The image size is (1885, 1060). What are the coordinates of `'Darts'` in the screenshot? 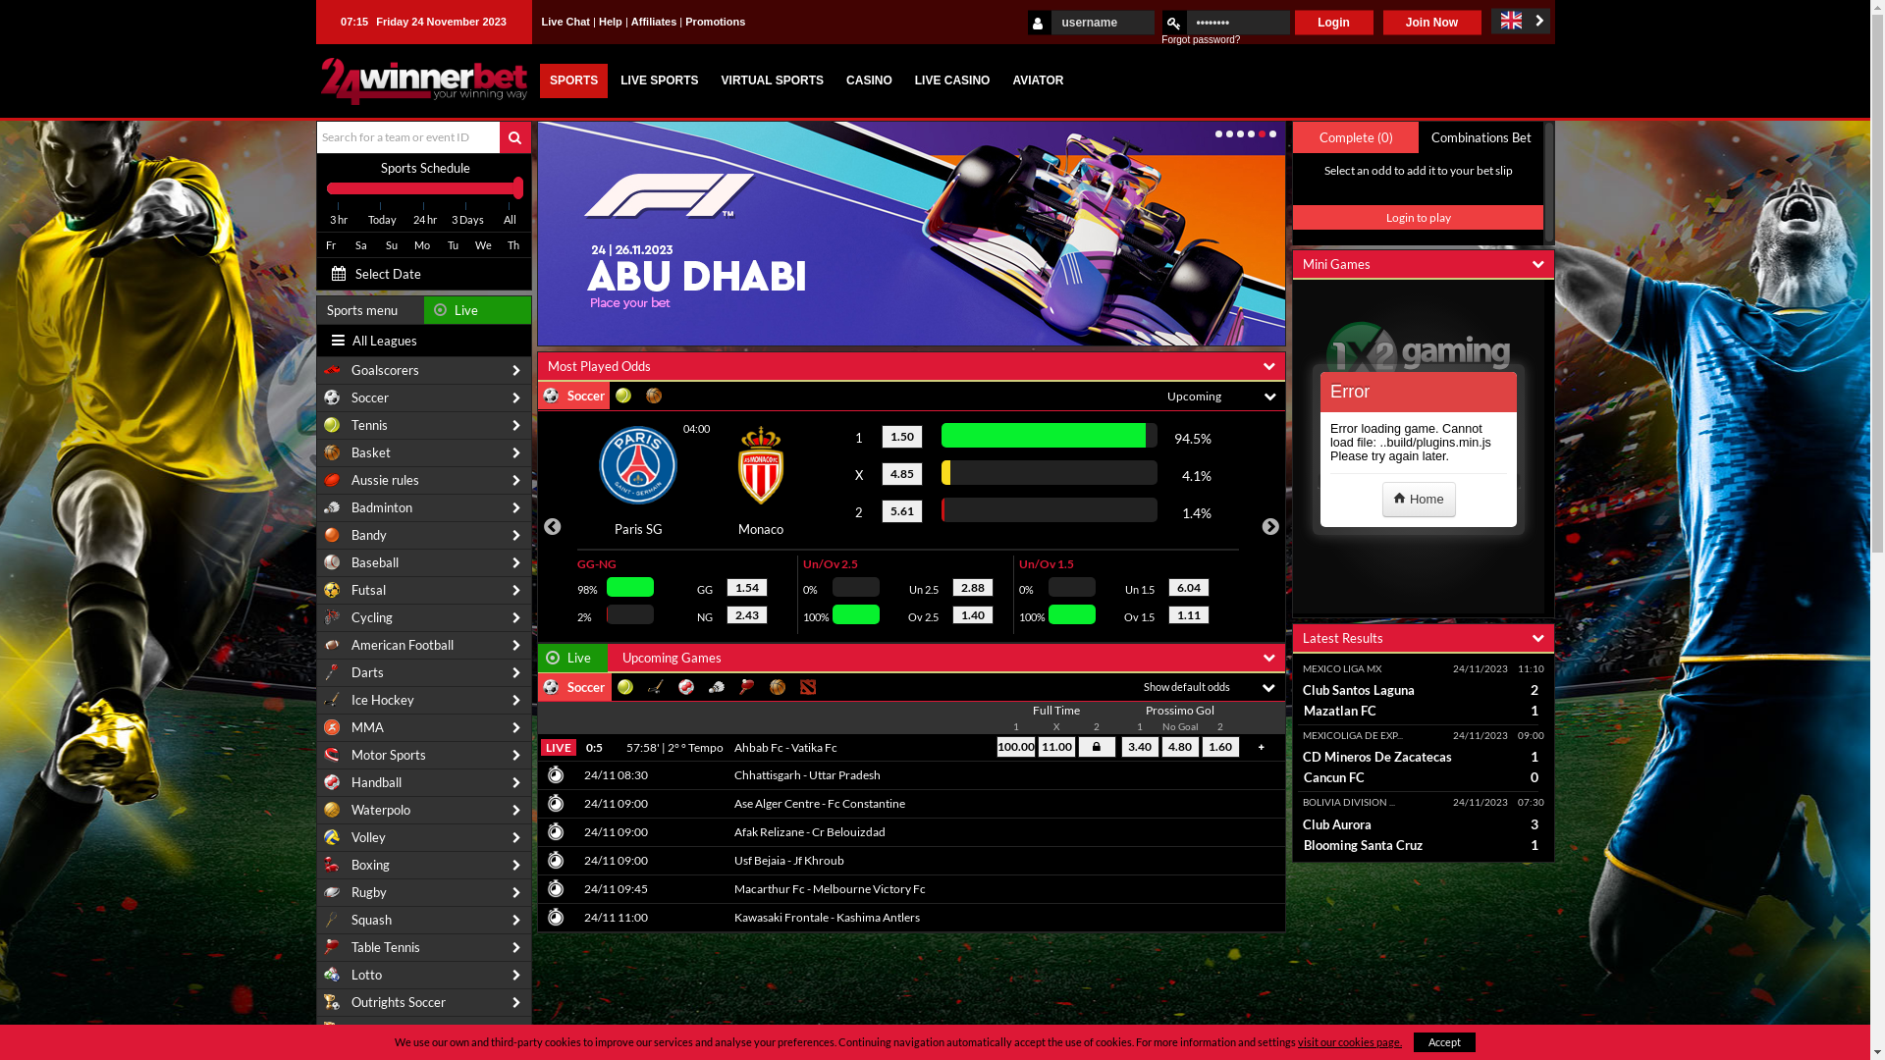 It's located at (422, 672).